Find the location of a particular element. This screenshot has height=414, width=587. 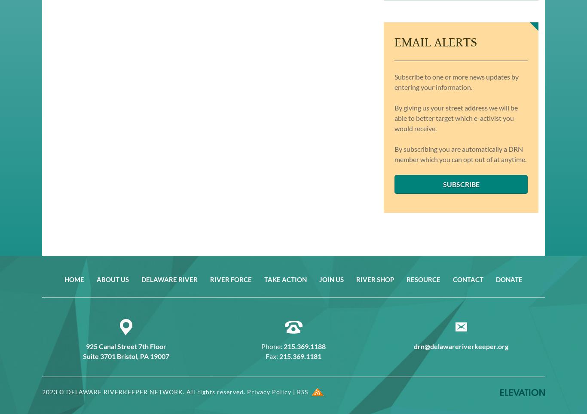

'Delaware River' is located at coordinates (169, 278).